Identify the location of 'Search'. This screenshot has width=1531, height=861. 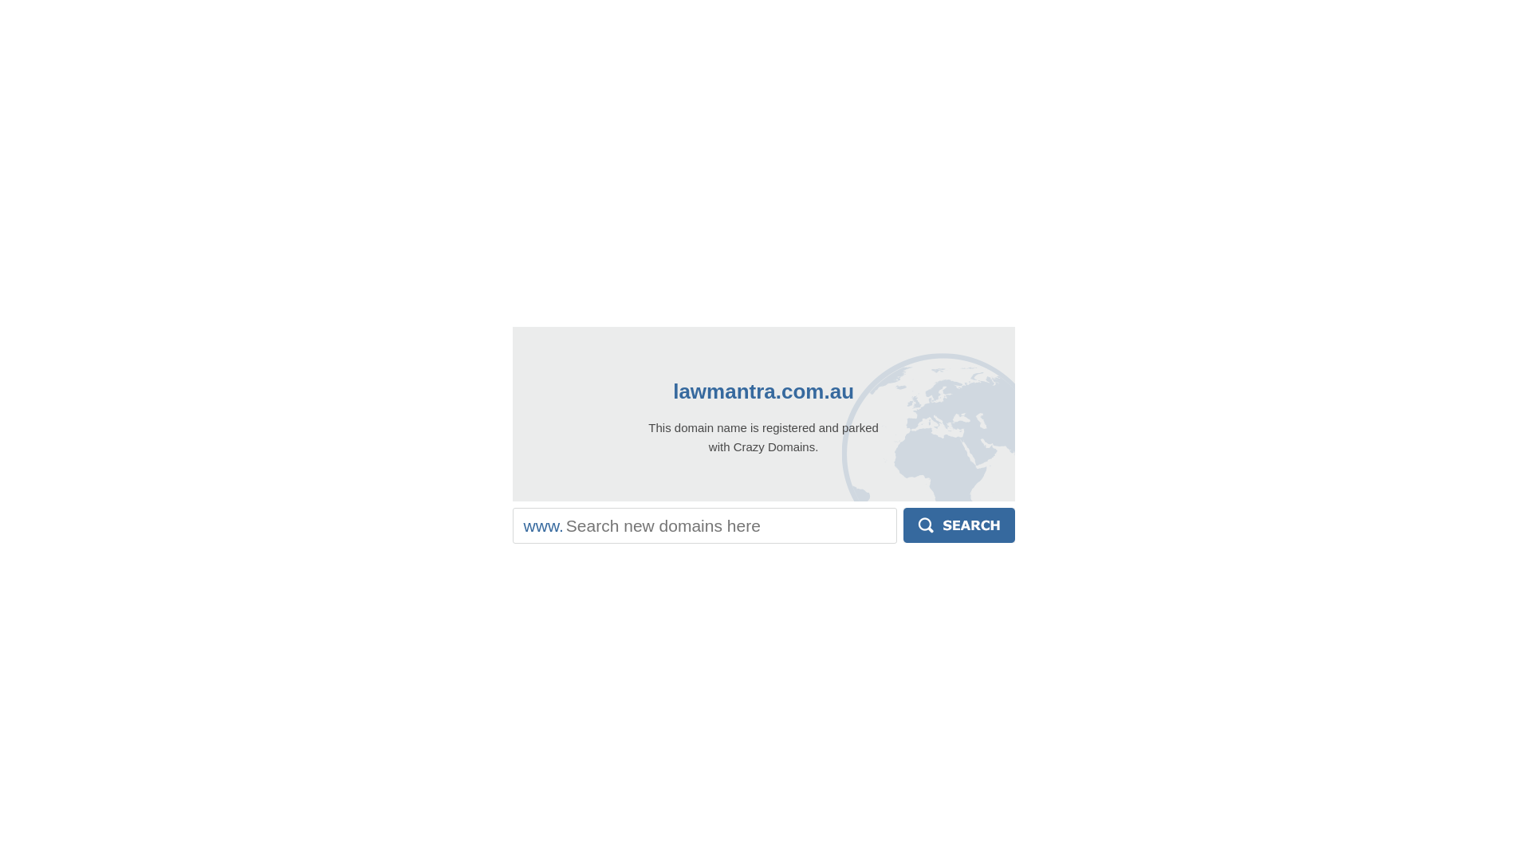
(958, 525).